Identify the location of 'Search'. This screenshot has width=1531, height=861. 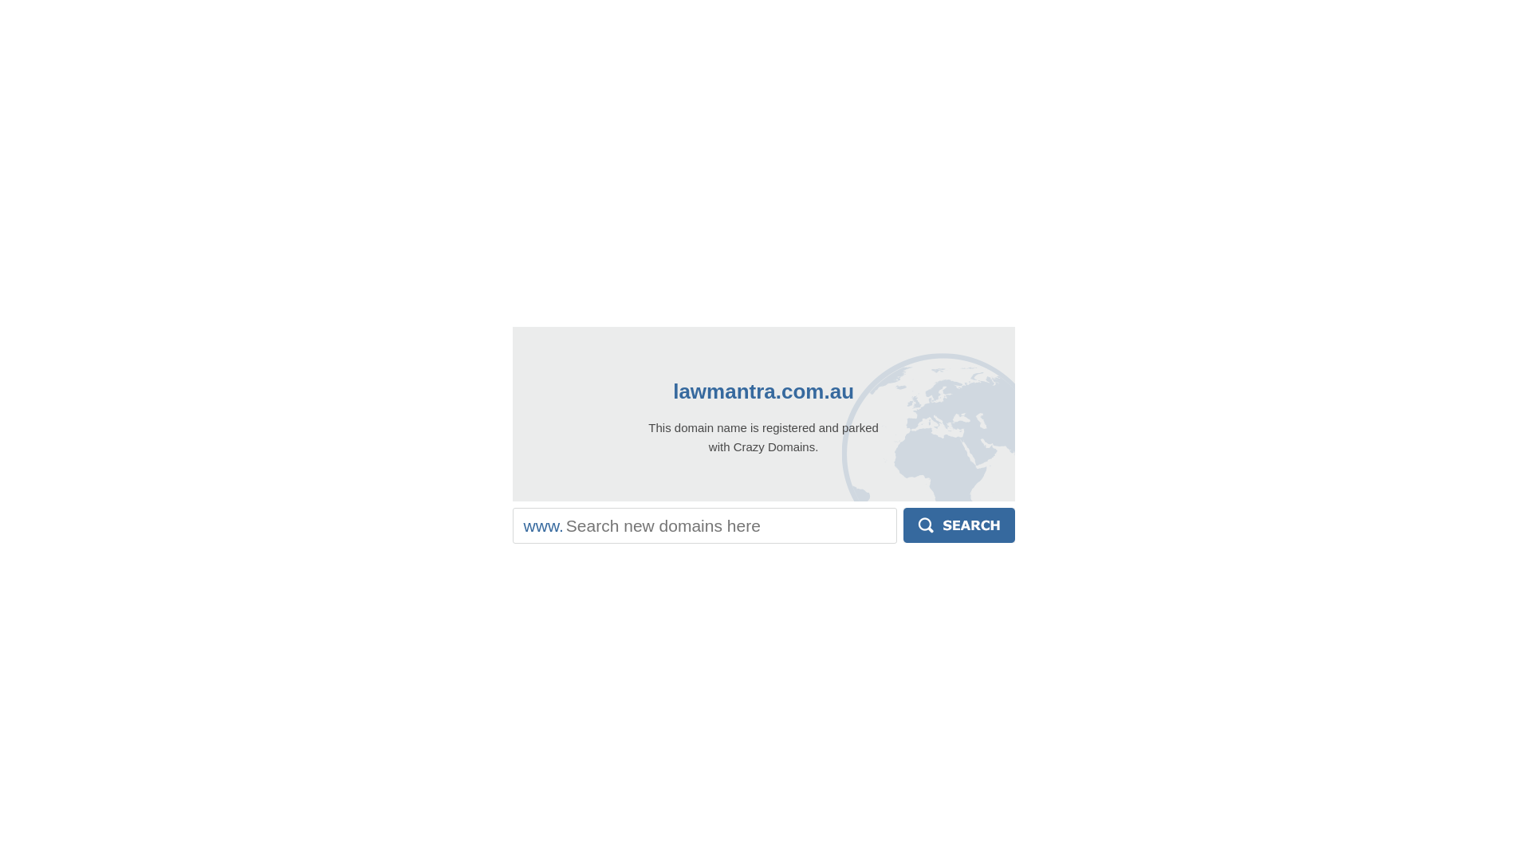
(958, 525).